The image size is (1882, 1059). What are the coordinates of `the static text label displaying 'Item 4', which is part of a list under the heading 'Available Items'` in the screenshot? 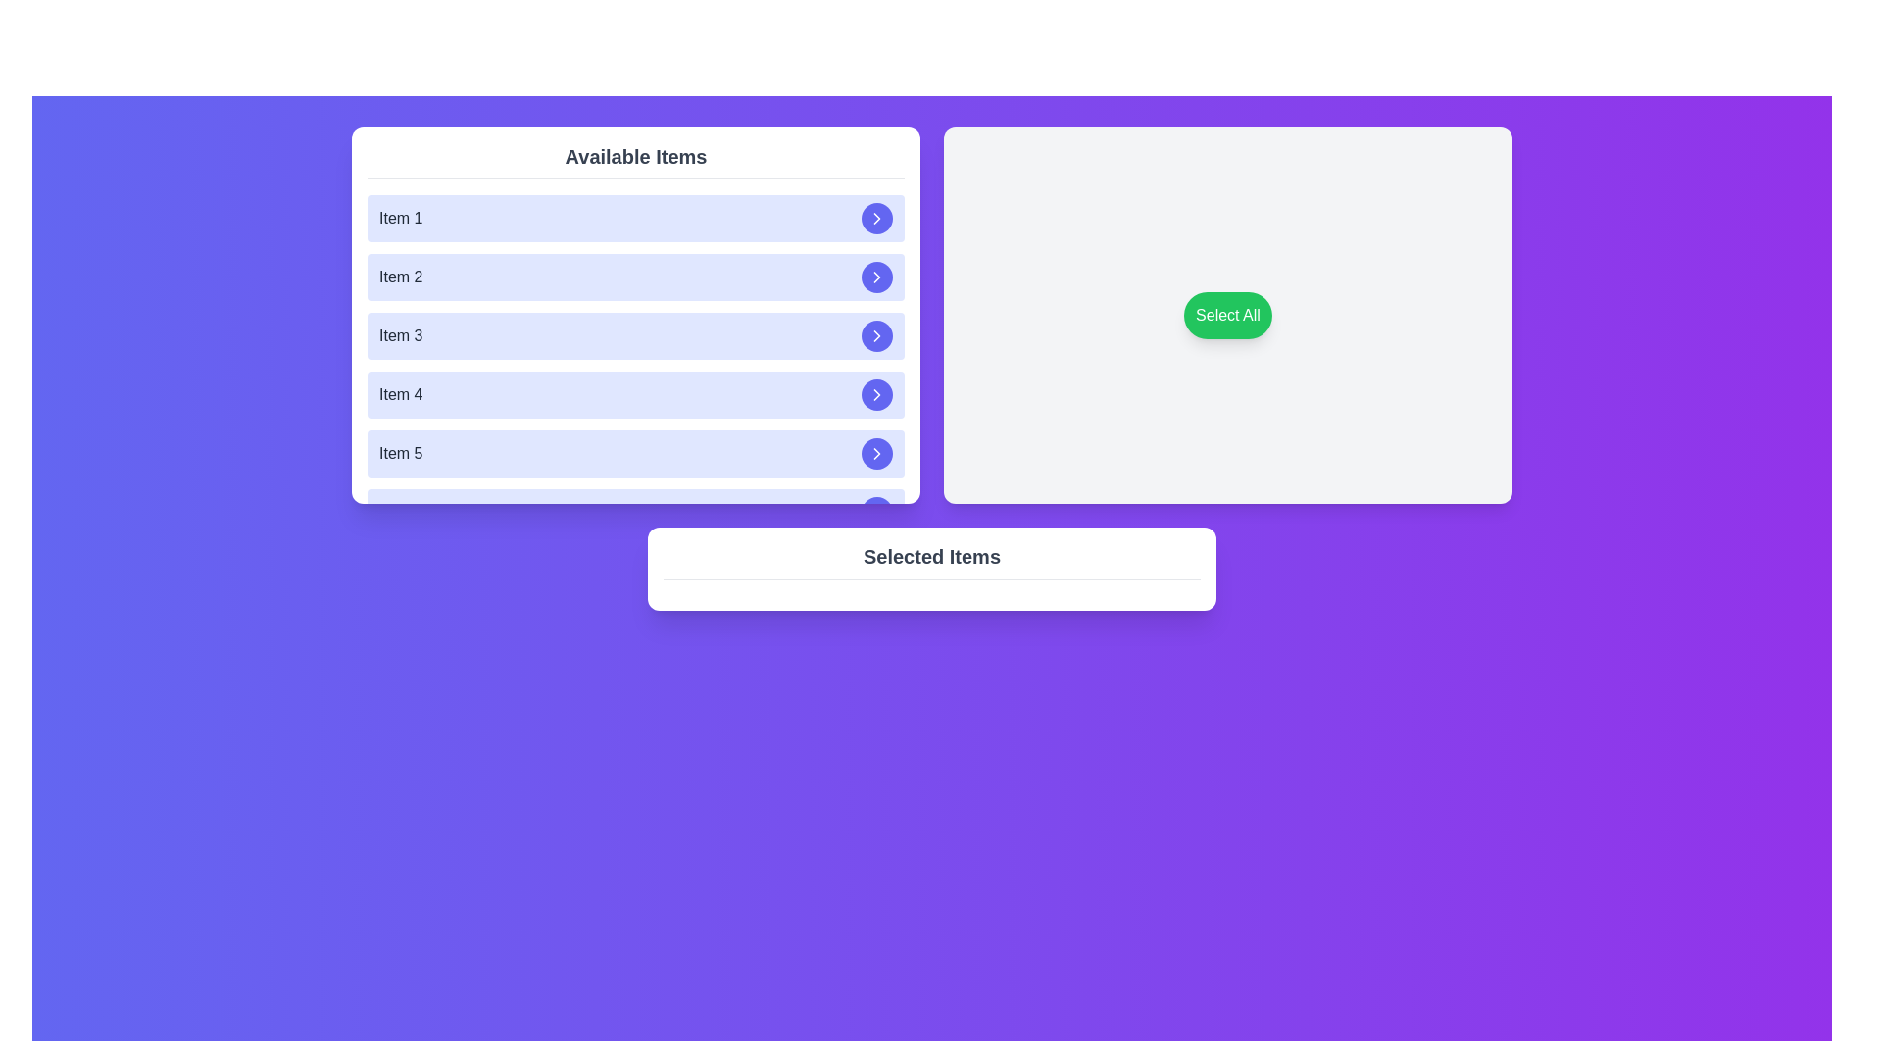 It's located at (400, 394).